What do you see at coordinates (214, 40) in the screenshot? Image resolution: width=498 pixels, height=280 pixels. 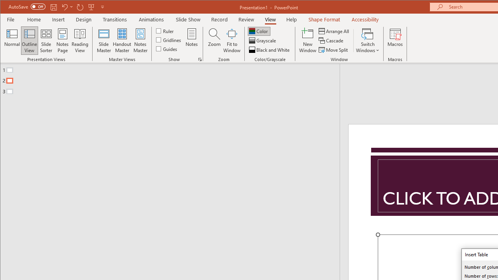 I see `'Zoom...'` at bounding box center [214, 40].